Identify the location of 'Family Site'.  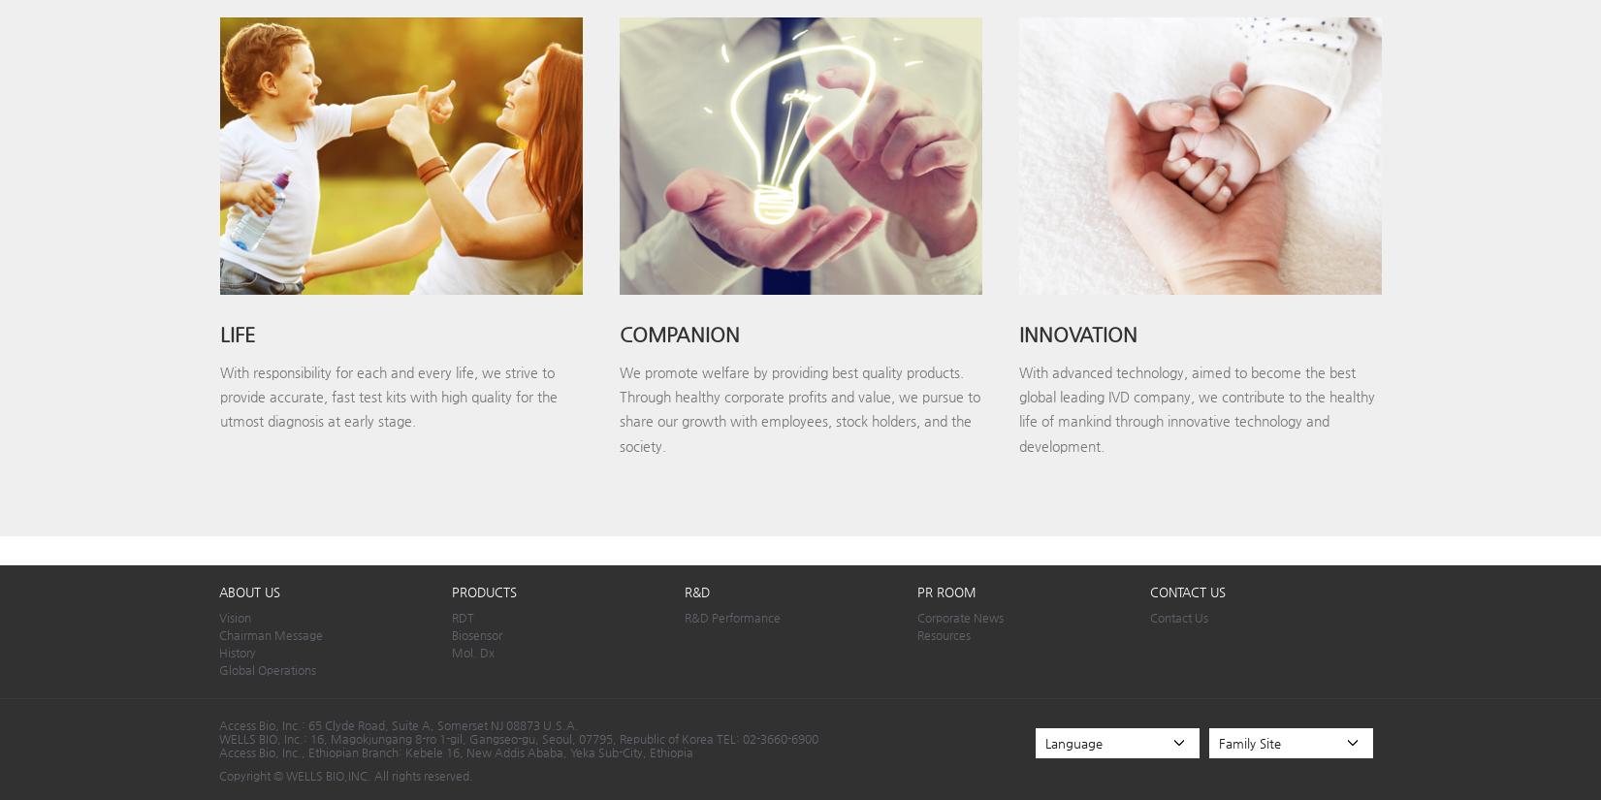
(1247, 741).